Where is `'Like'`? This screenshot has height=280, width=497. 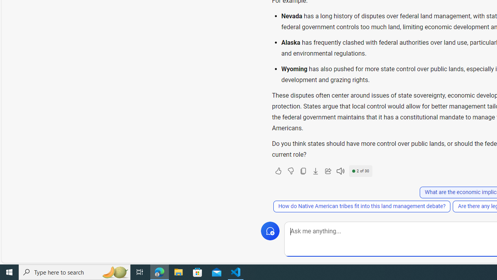 'Like' is located at coordinates (278, 170).